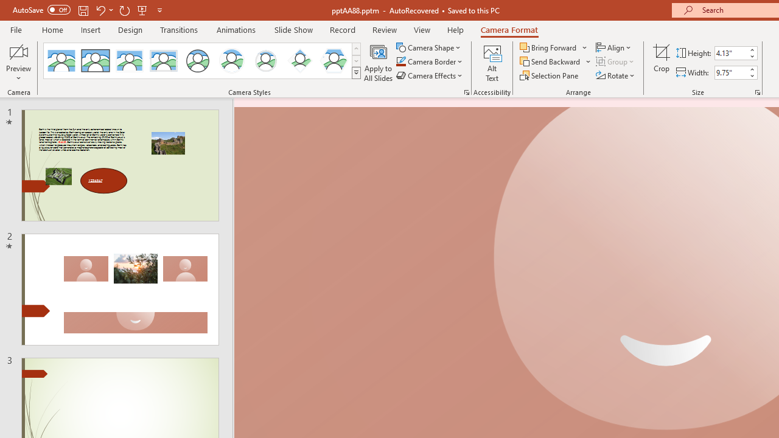  I want to click on 'Center Shadow Circle', so click(232, 61).